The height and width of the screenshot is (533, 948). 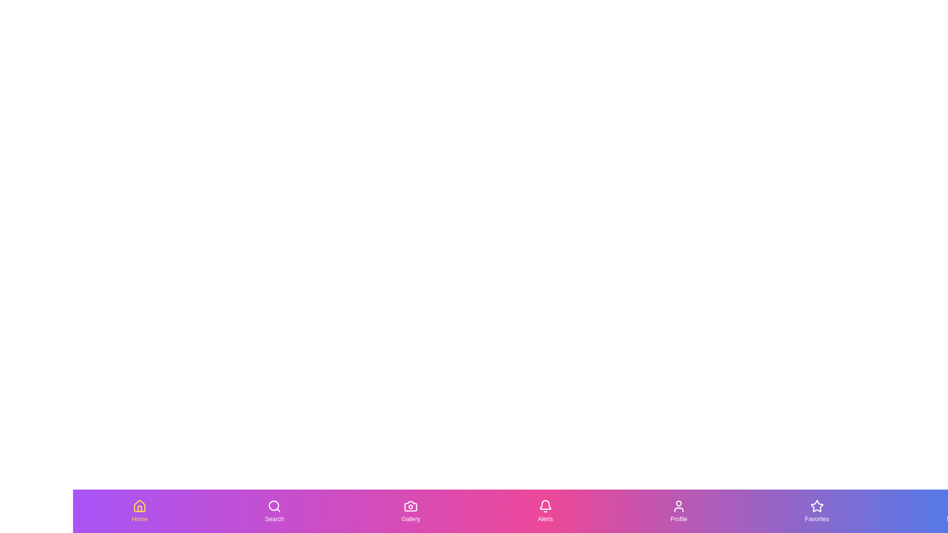 What do you see at coordinates (139, 511) in the screenshot?
I see `the button labeled Home to observe the hover effect` at bounding box center [139, 511].